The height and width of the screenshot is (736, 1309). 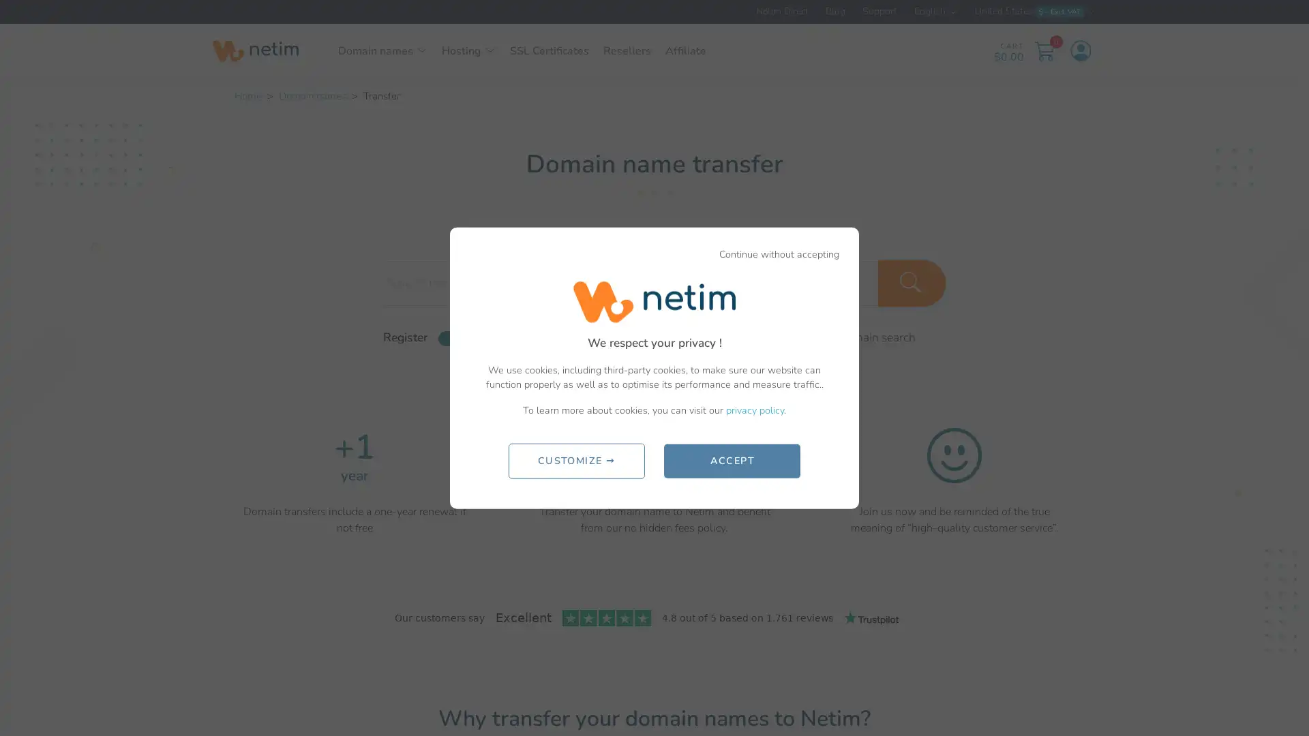 I want to click on Search, so click(x=912, y=282).